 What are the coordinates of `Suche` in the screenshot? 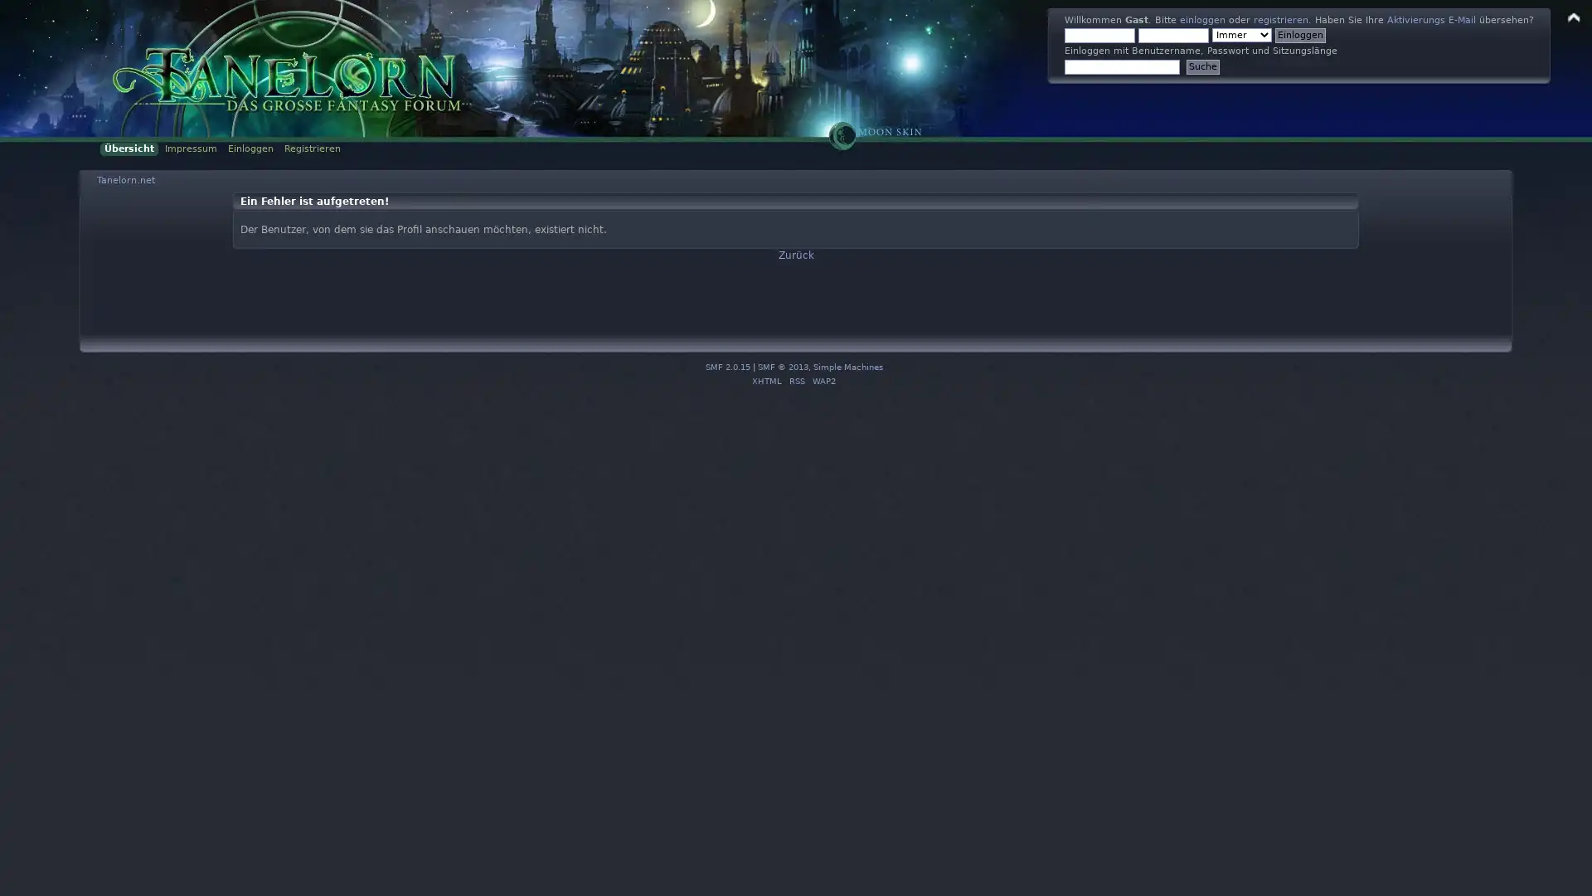 It's located at (1202, 66).